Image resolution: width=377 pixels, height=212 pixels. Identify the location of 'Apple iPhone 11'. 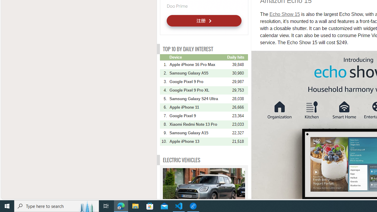
(198, 107).